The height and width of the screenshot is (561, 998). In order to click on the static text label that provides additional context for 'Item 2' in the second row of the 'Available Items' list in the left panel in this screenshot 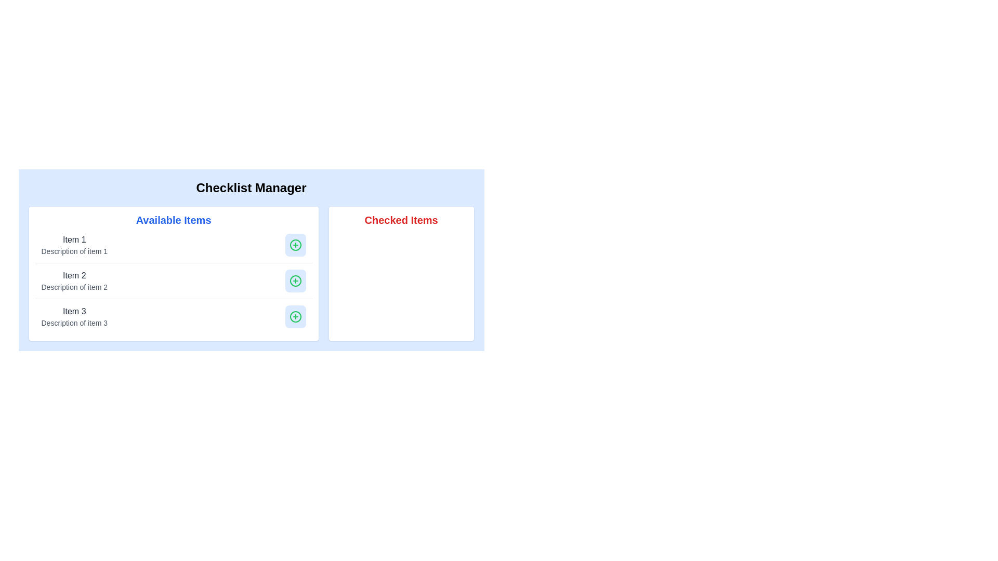, I will do `click(74, 287)`.